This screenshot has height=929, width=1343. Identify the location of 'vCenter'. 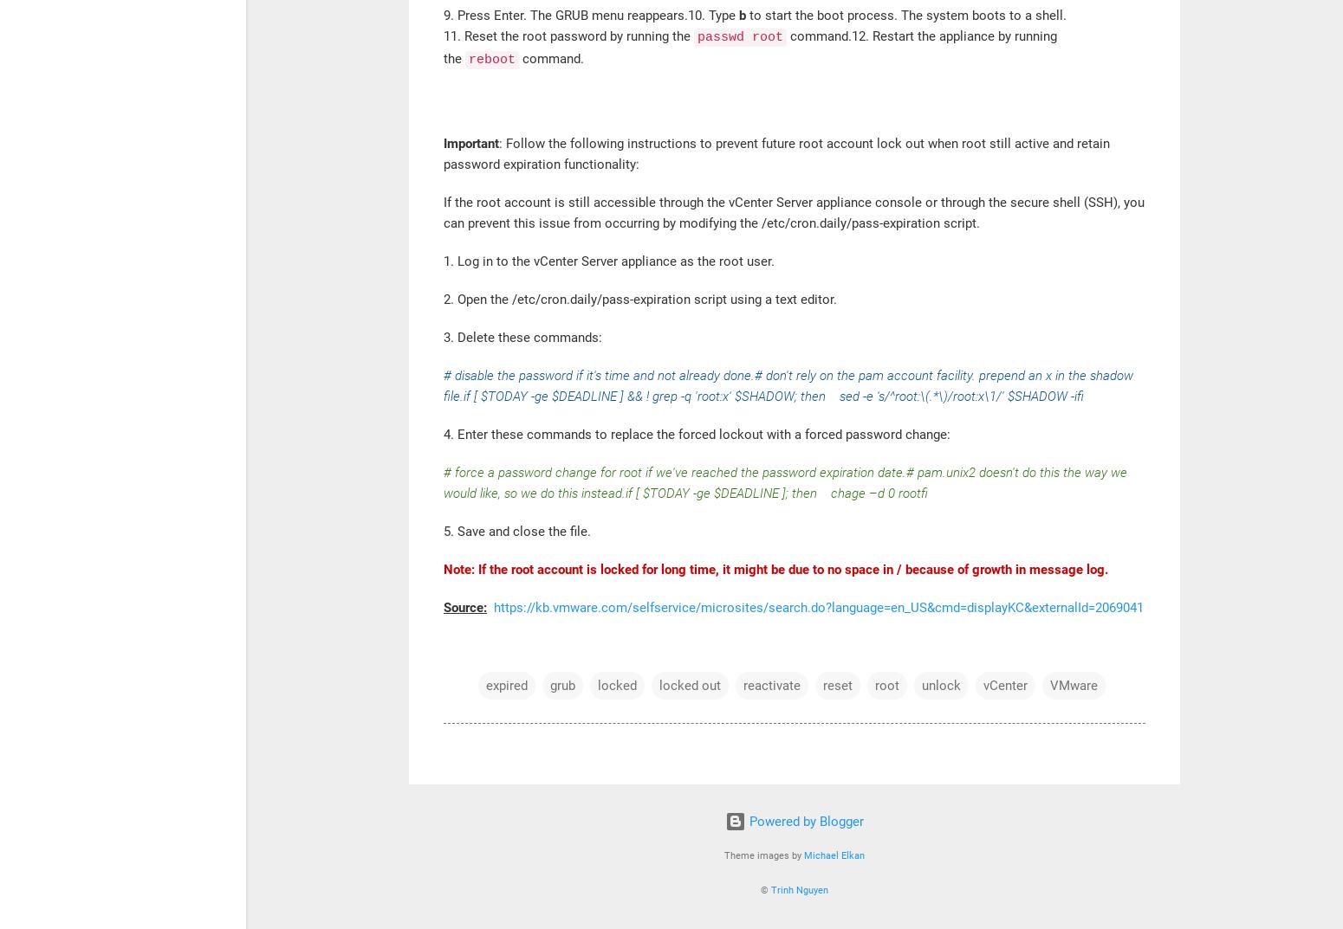
(983, 685).